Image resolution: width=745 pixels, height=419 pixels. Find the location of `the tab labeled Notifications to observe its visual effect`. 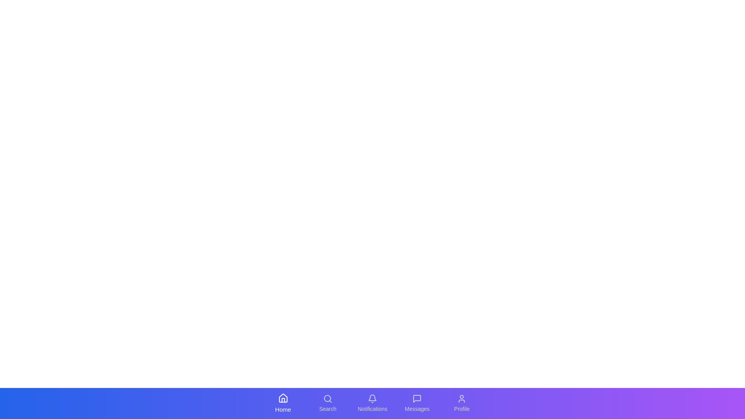

the tab labeled Notifications to observe its visual effect is located at coordinates (372, 403).